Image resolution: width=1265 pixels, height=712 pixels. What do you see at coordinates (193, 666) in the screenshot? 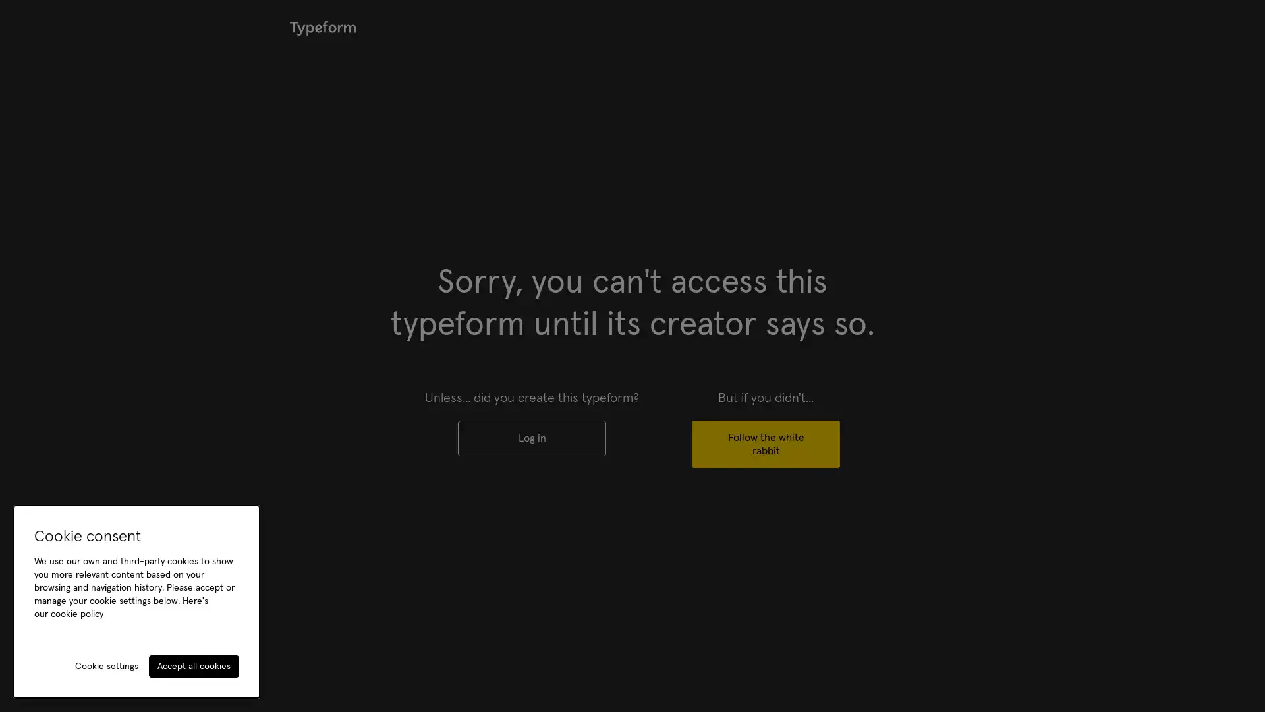
I see `Accept all cookies` at bounding box center [193, 666].